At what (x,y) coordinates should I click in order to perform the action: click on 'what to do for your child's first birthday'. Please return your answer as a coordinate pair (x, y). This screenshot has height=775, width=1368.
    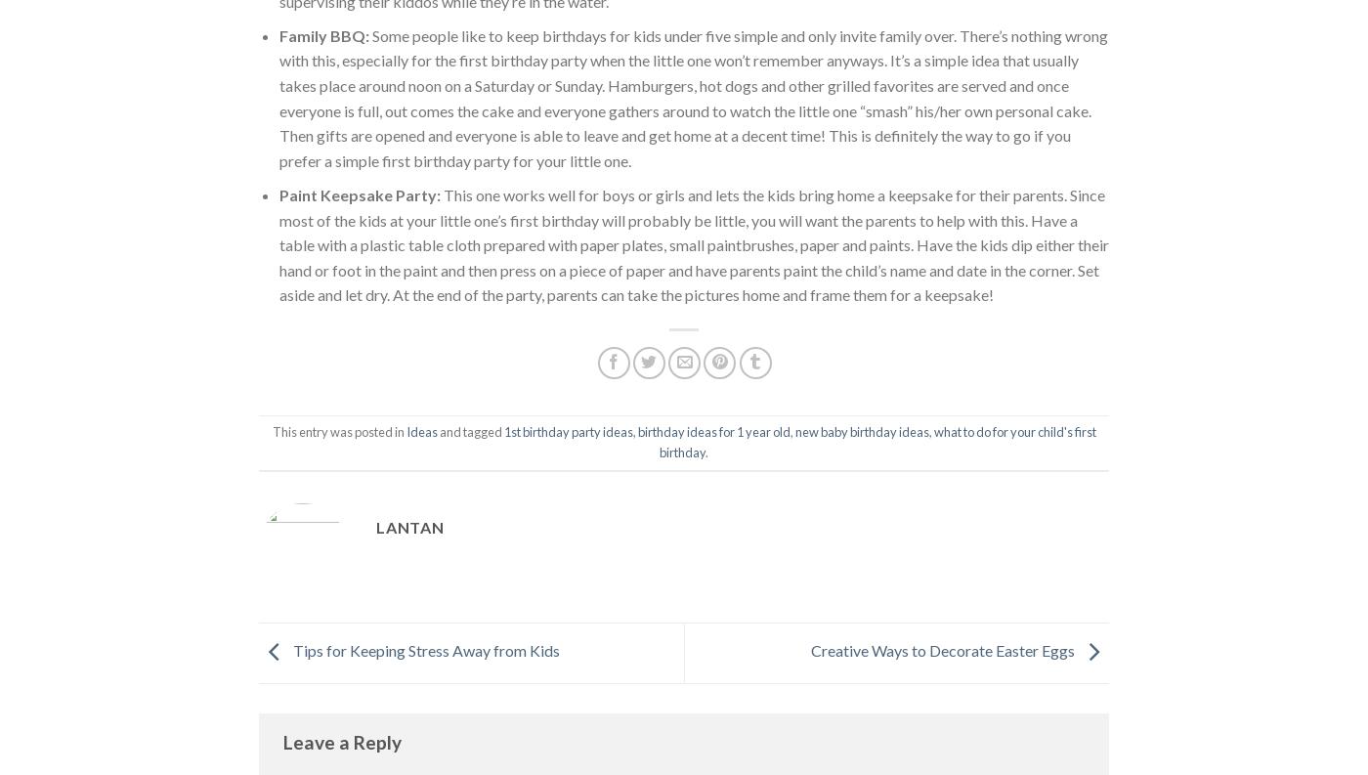
    Looking at the image, I should click on (876, 441).